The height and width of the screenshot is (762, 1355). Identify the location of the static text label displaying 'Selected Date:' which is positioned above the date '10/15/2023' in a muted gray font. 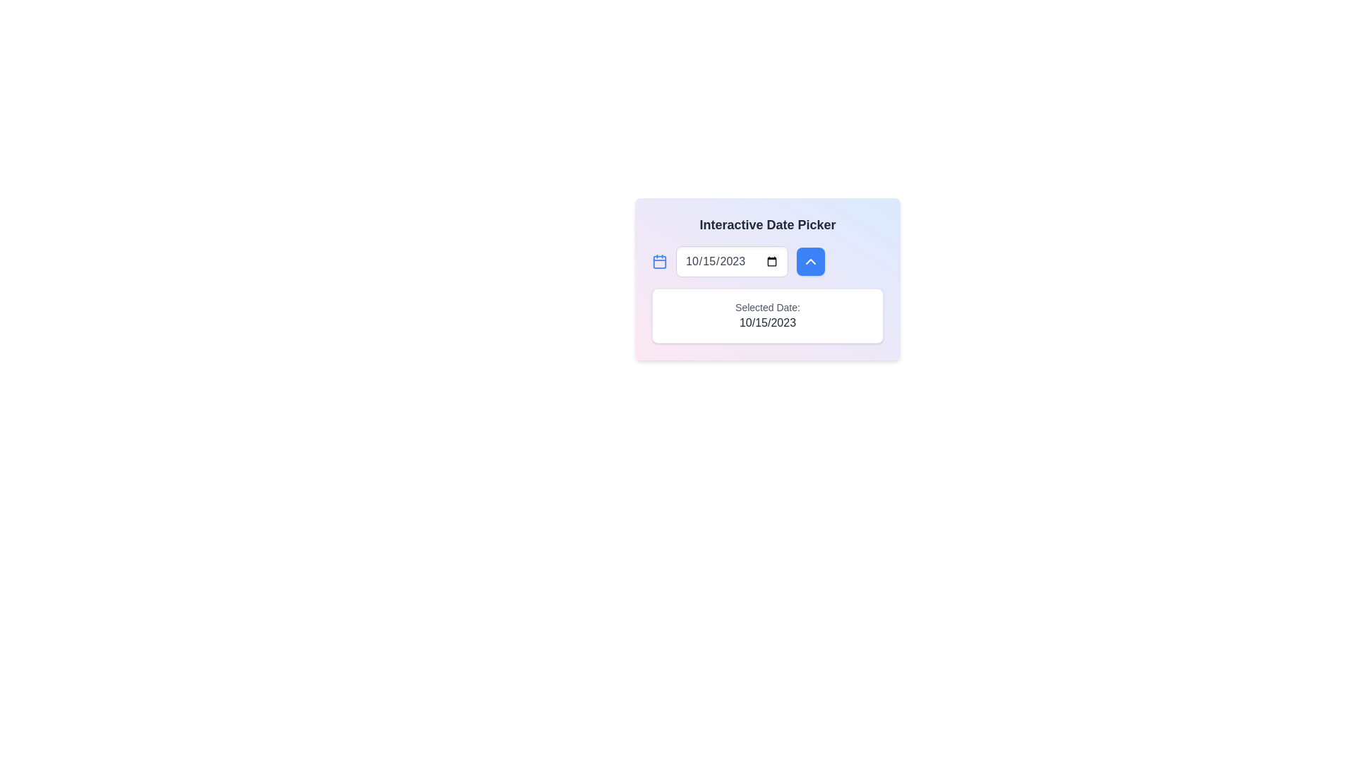
(767, 306).